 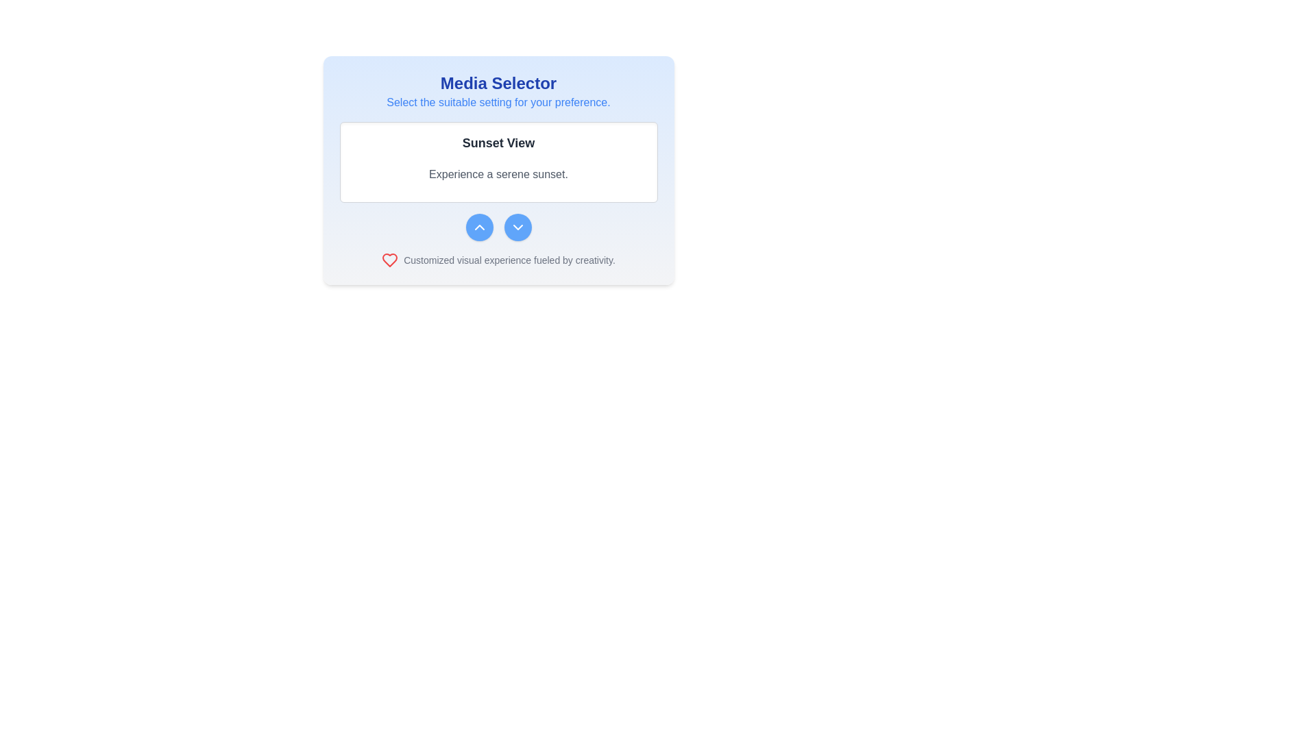 What do you see at coordinates (479, 226) in the screenshot?
I see `the circular blue button with an upward-pointing chevron icon, located under the text 'Experience a serene sunset', to increment or navigate upwards` at bounding box center [479, 226].